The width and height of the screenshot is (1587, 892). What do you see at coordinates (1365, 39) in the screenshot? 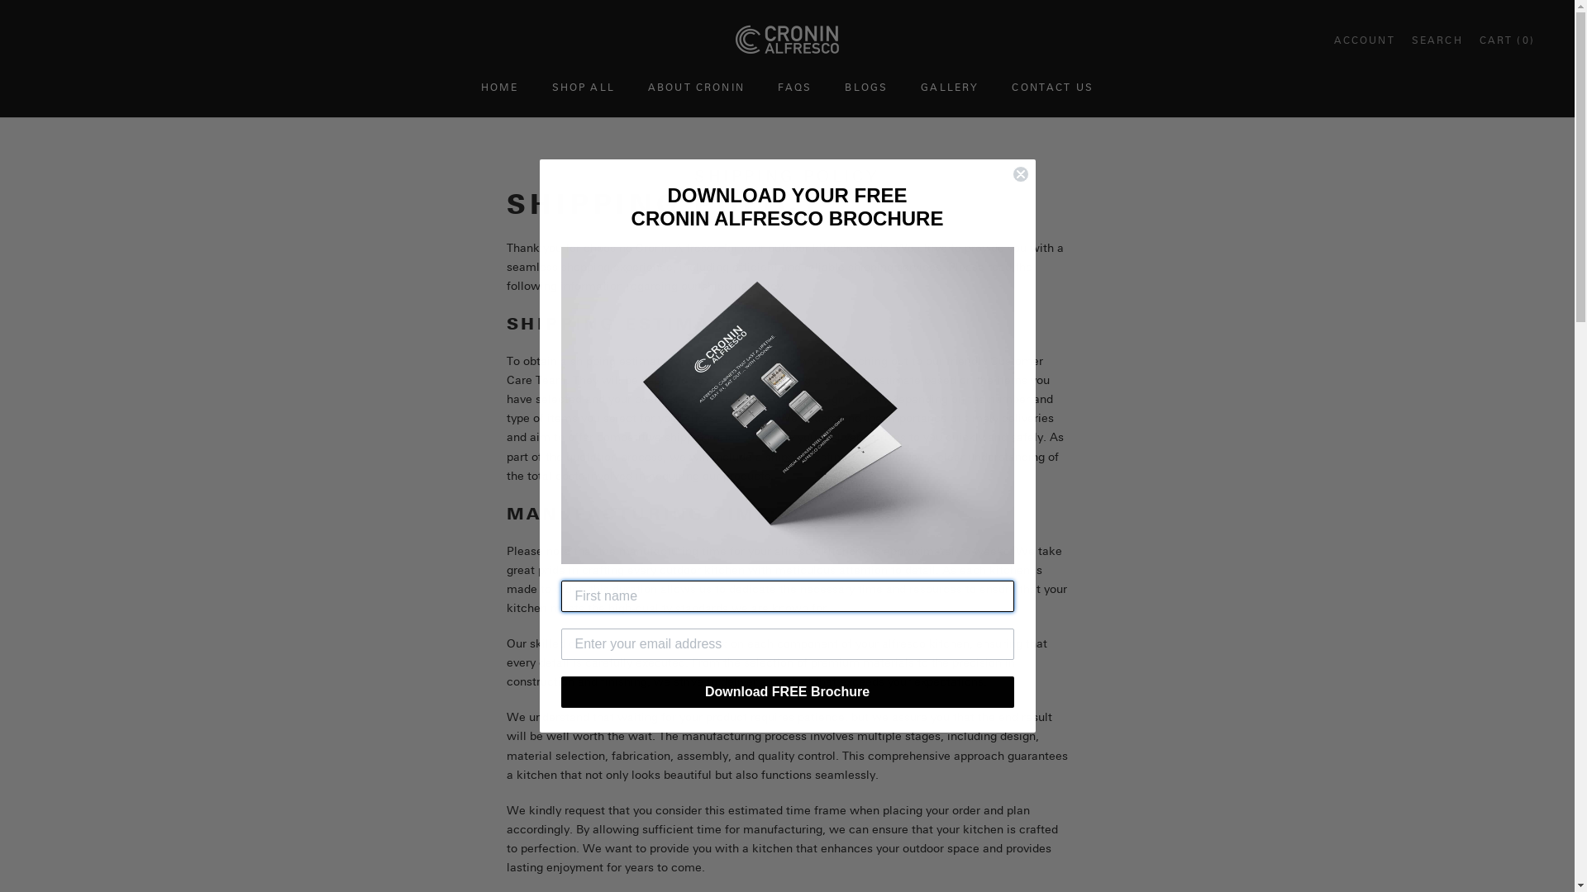
I see `'Open account page` at bounding box center [1365, 39].